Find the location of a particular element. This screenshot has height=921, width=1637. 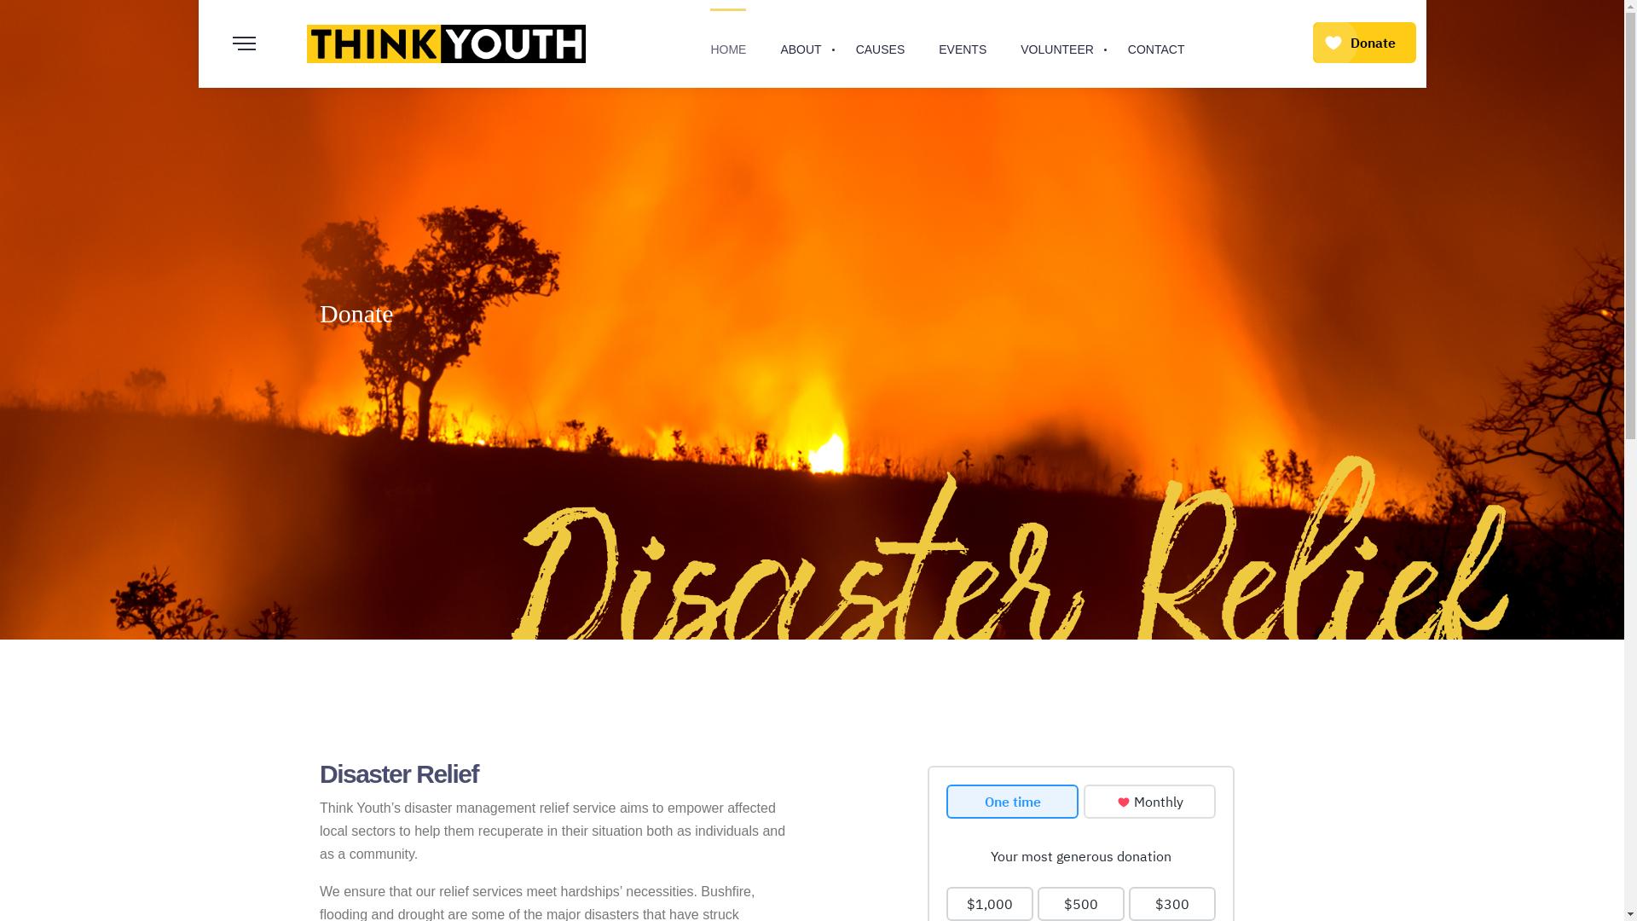

'ABOUT' is located at coordinates (800, 43).